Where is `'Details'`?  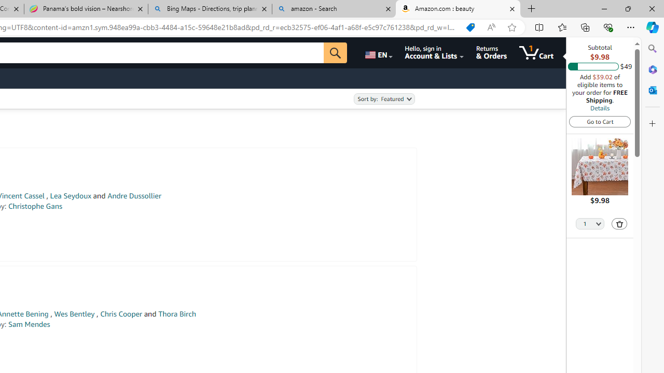 'Details' is located at coordinates (600, 108).